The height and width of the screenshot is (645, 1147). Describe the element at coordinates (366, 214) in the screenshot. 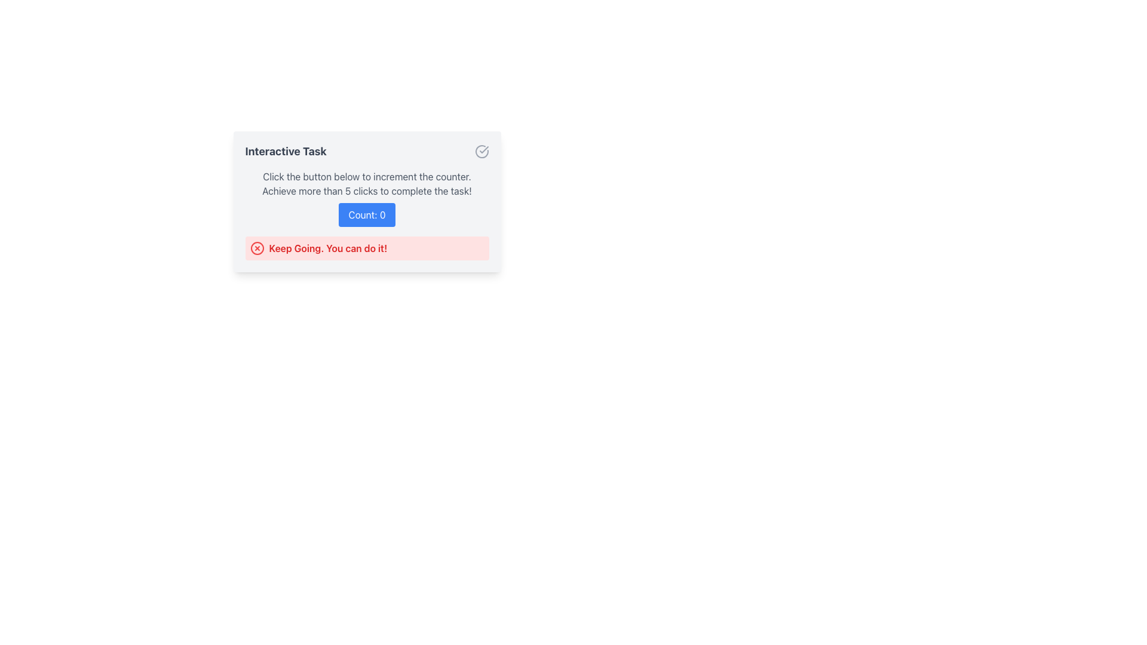

I see `the increment button located centrally below the descriptive text block to increase the counter` at that location.